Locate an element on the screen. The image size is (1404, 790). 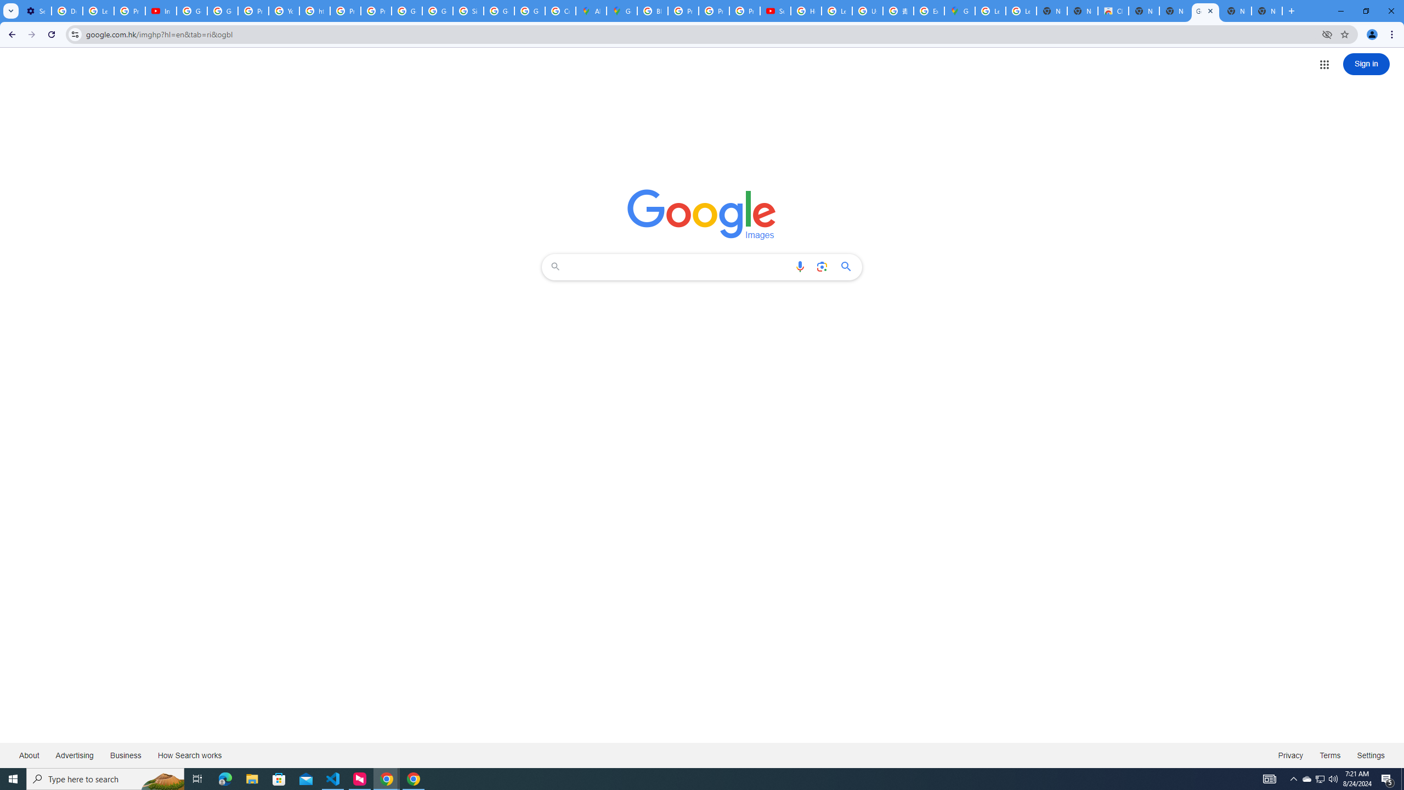
'How Search works' is located at coordinates (189, 754).